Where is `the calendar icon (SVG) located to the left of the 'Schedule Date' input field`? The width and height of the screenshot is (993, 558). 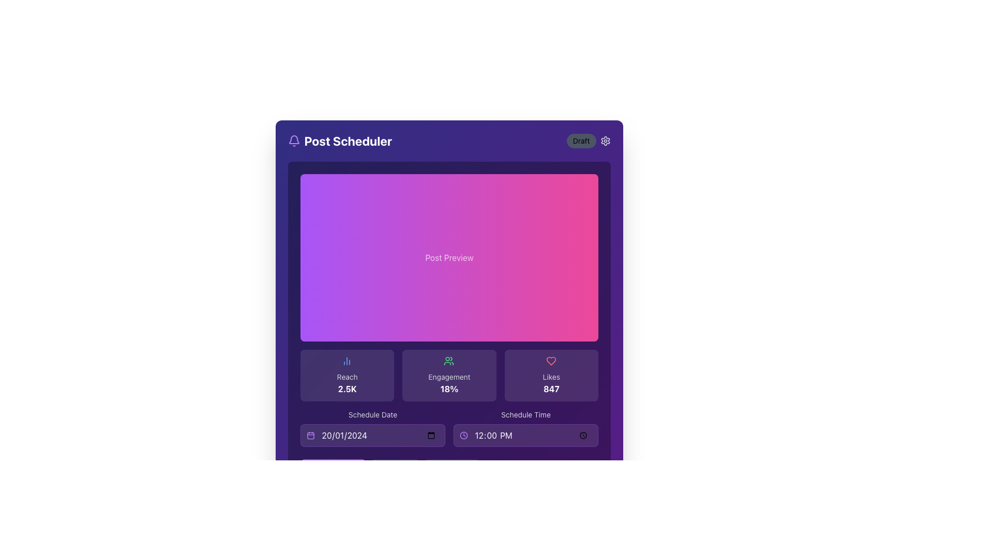
the calendar icon (SVG) located to the left of the 'Schedule Date' input field is located at coordinates (310, 436).